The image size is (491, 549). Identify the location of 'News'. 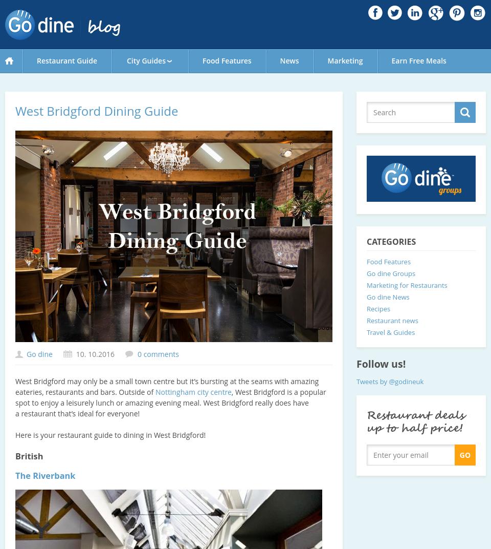
(289, 60).